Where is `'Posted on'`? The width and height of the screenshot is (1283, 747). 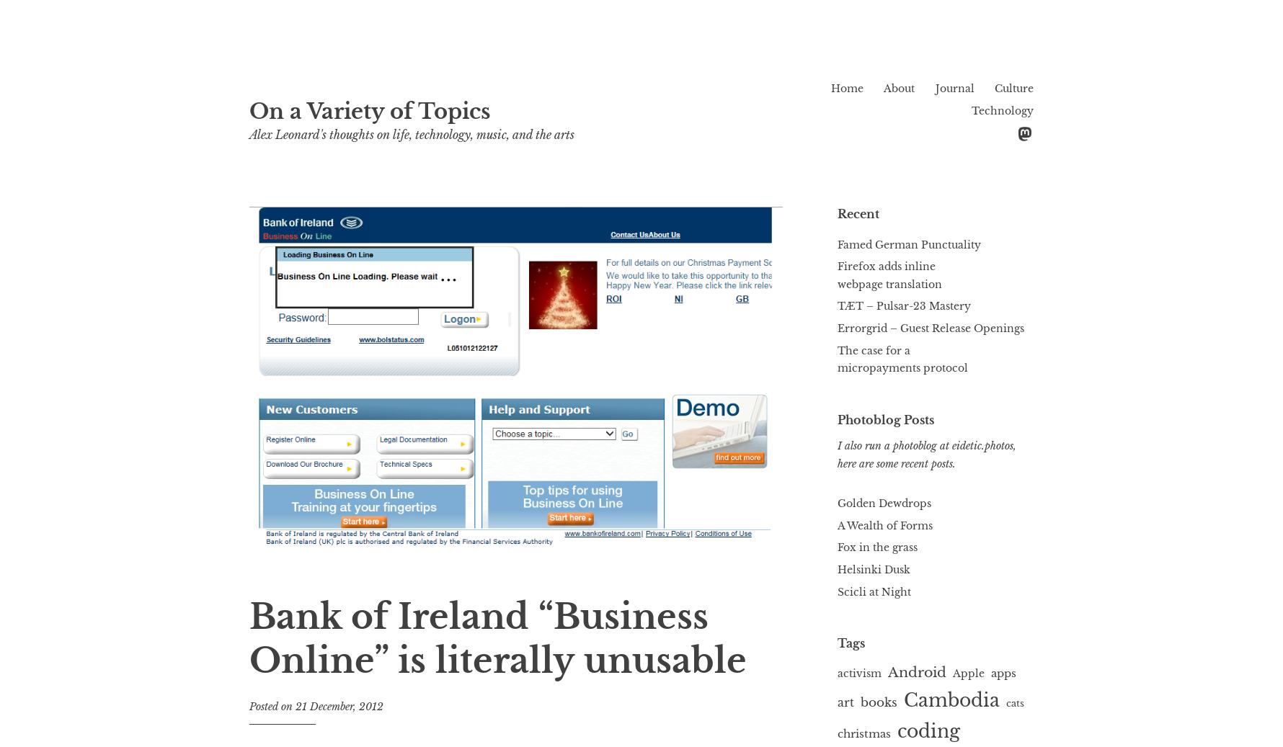
'Posted on' is located at coordinates (272, 705).